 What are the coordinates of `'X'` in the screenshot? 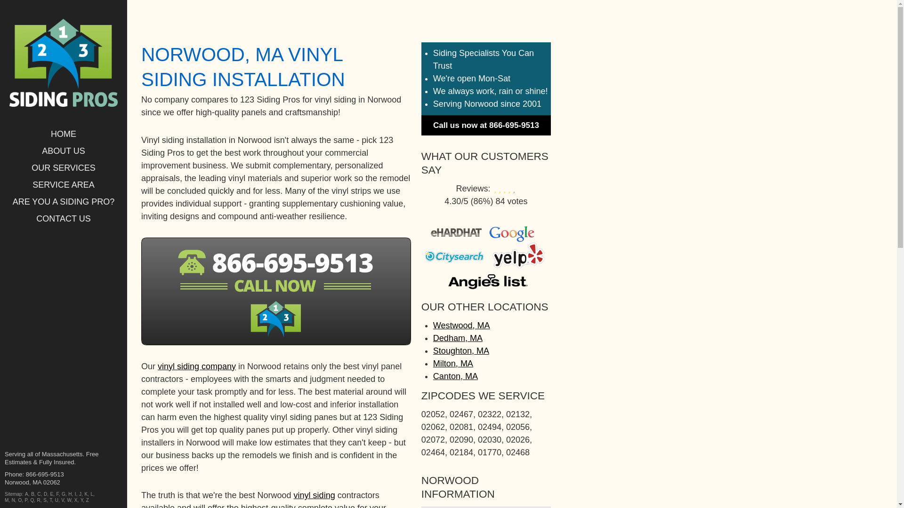 It's located at (76, 500).